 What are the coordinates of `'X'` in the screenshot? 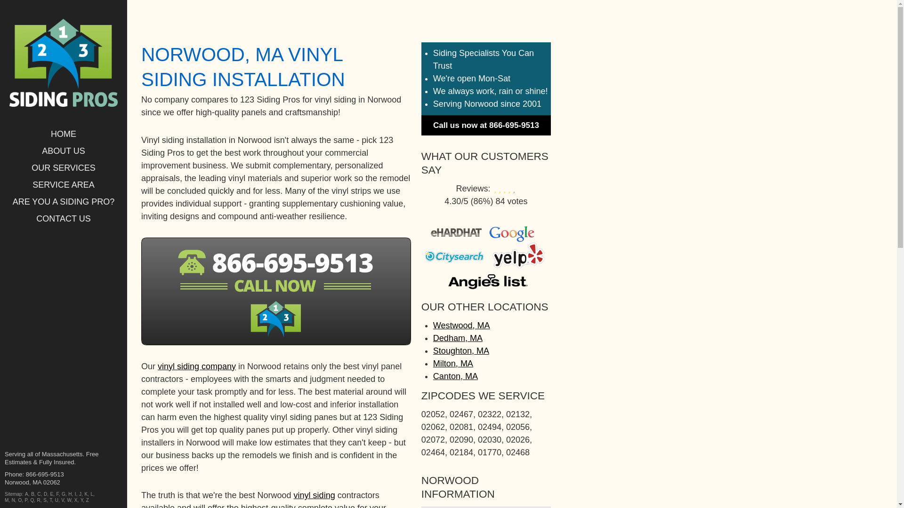 It's located at (76, 500).